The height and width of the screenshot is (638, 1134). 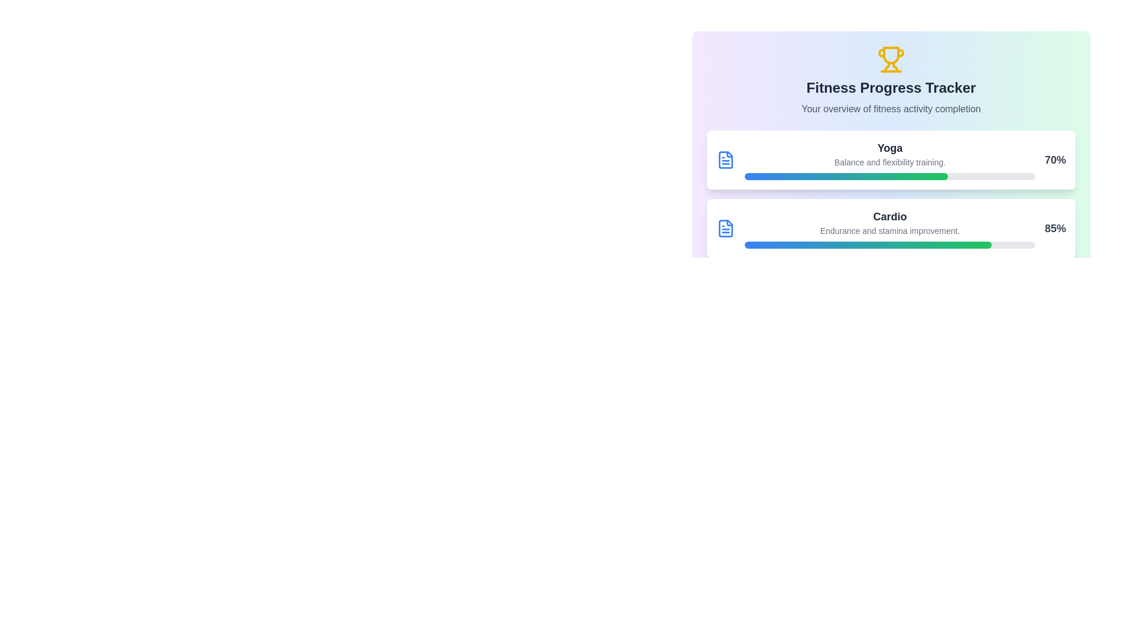 I want to click on the static text element that provides descriptive information about the Yoga activity, located under the 'Yoga' heading and above the horizontal progress bar, so click(x=890, y=162).